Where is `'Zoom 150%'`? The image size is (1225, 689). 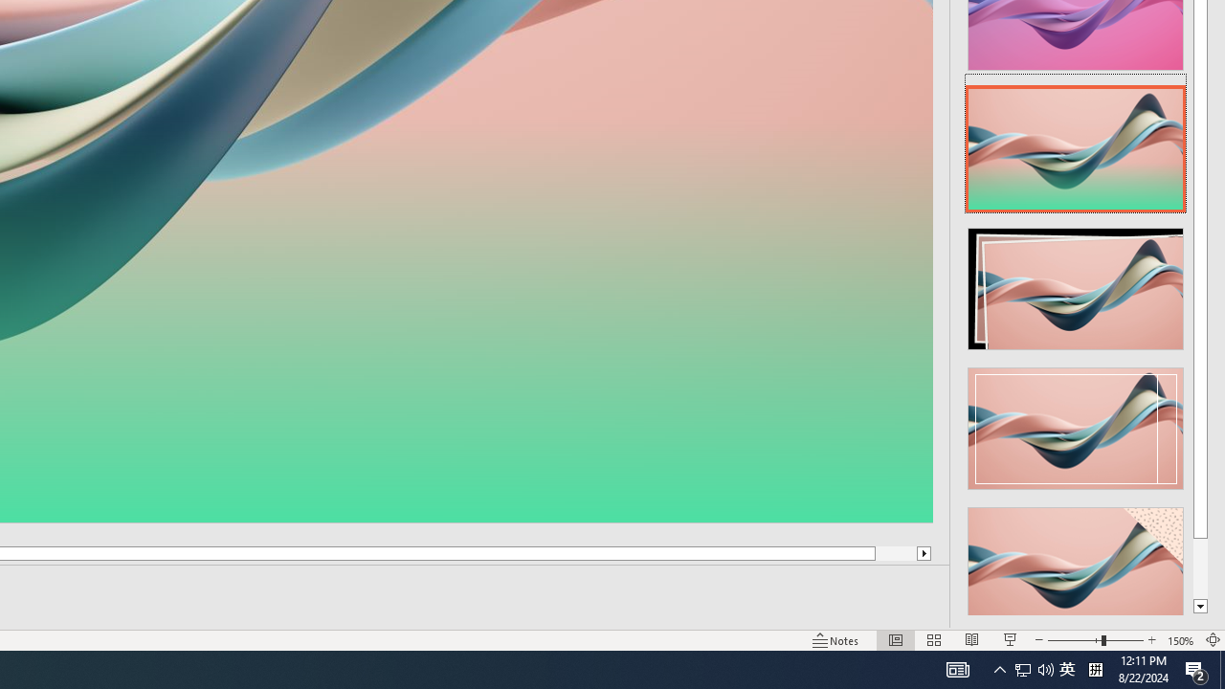 'Zoom 150%' is located at coordinates (1180, 640).